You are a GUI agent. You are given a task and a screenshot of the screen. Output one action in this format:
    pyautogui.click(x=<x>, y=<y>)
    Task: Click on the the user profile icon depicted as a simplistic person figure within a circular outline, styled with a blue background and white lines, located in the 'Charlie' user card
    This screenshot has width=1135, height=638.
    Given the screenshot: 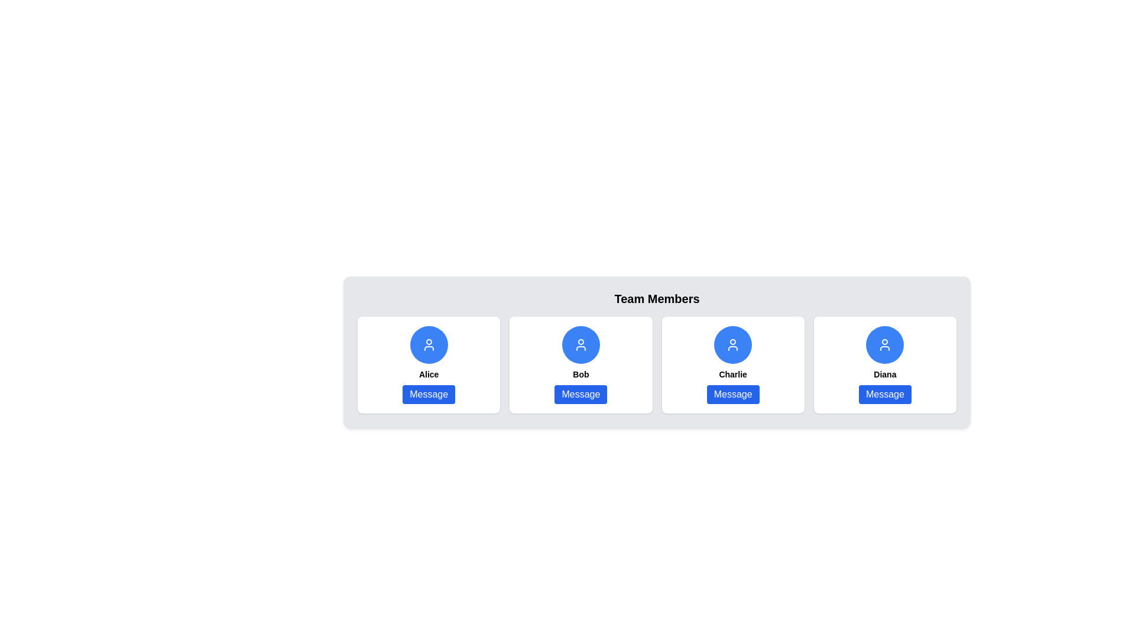 What is the action you would take?
    pyautogui.click(x=732, y=344)
    